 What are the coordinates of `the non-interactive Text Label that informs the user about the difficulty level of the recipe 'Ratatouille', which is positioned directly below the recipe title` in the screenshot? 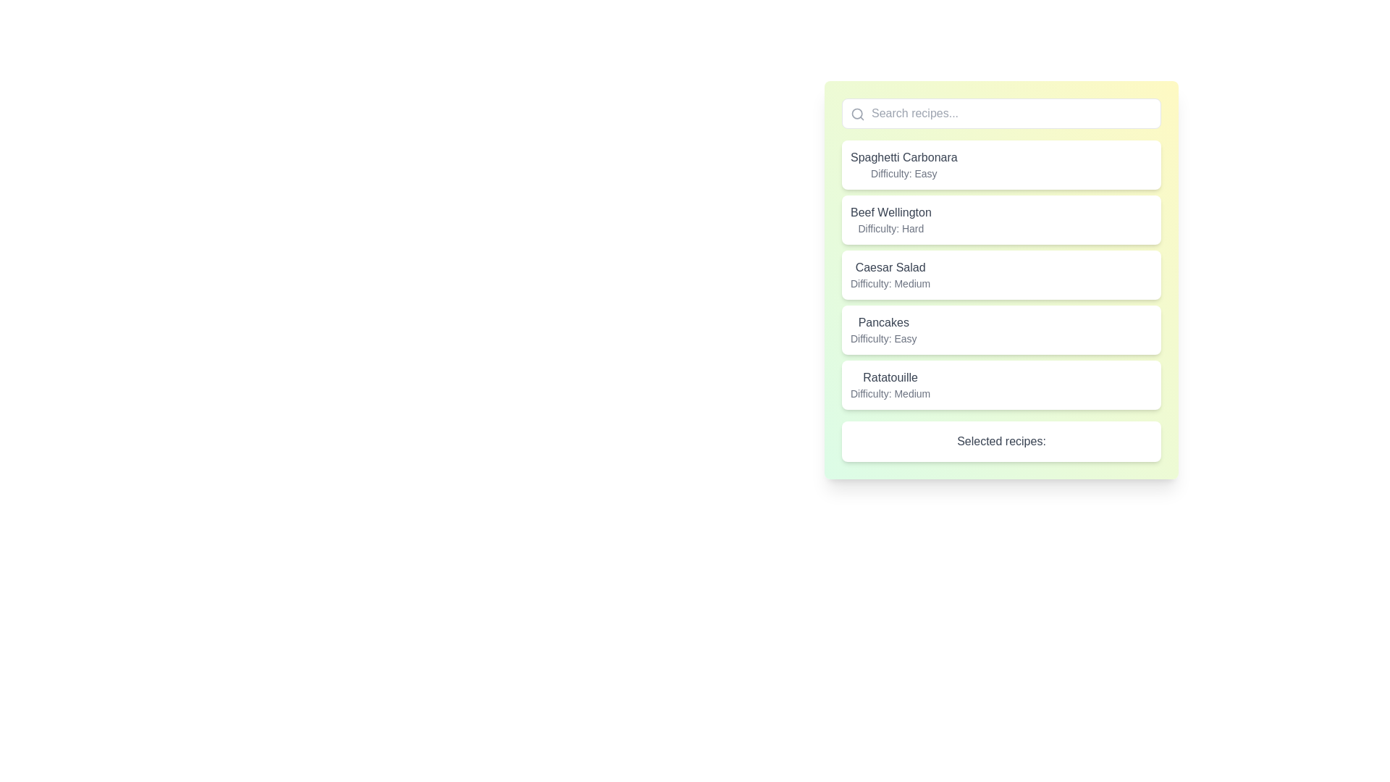 It's located at (890, 393).